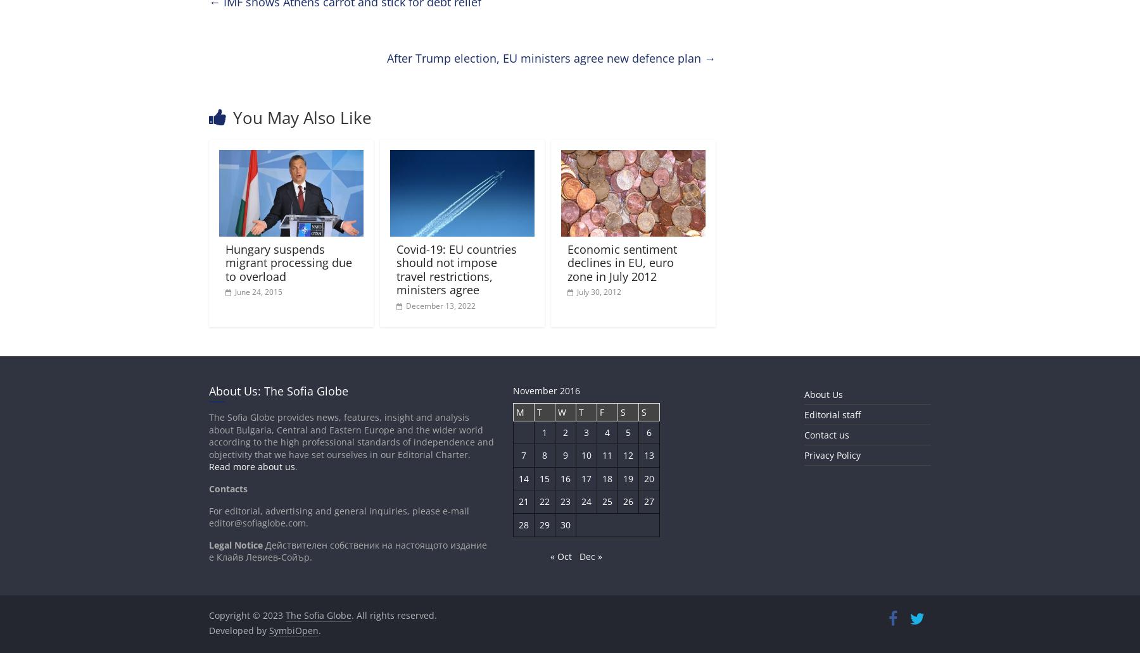 This screenshot has height=653, width=1140. I want to click on 'June 24, 2015', so click(258, 291).